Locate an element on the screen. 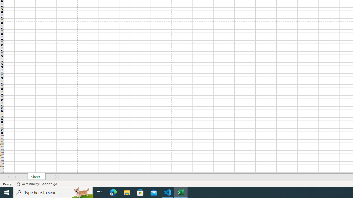 The height and width of the screenshot is (198, 353). 'Scroll Left' is located at coordinates (8, 177).